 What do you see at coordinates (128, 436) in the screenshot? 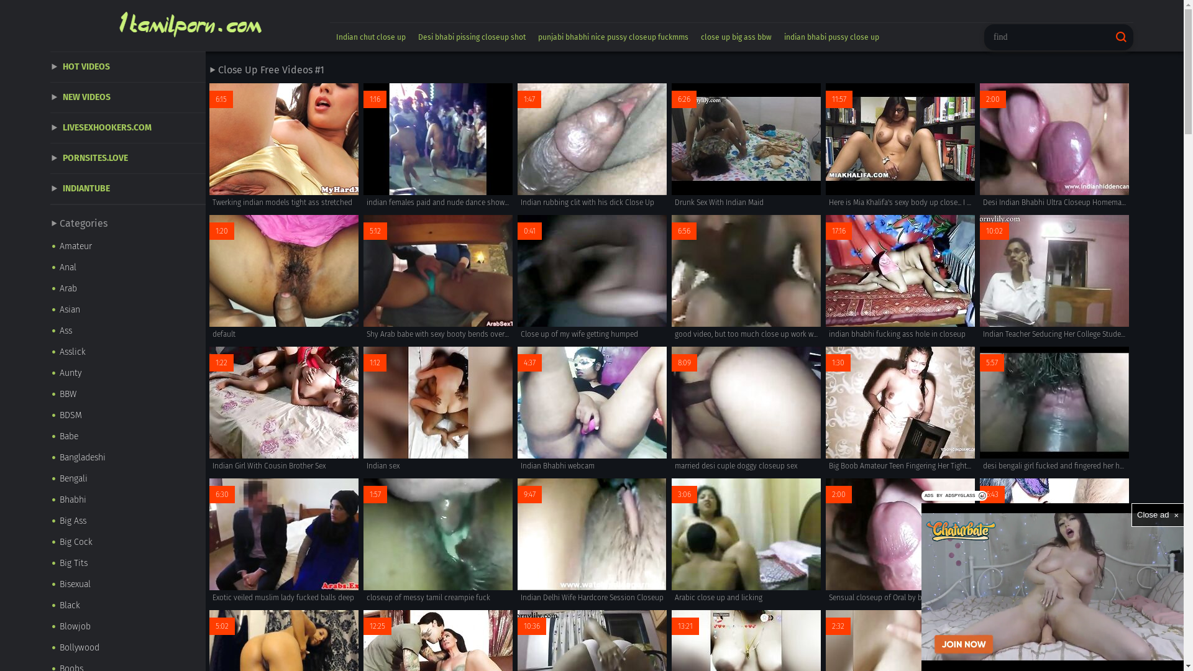
I see `'Babe'` at bounding box center [128, 436].